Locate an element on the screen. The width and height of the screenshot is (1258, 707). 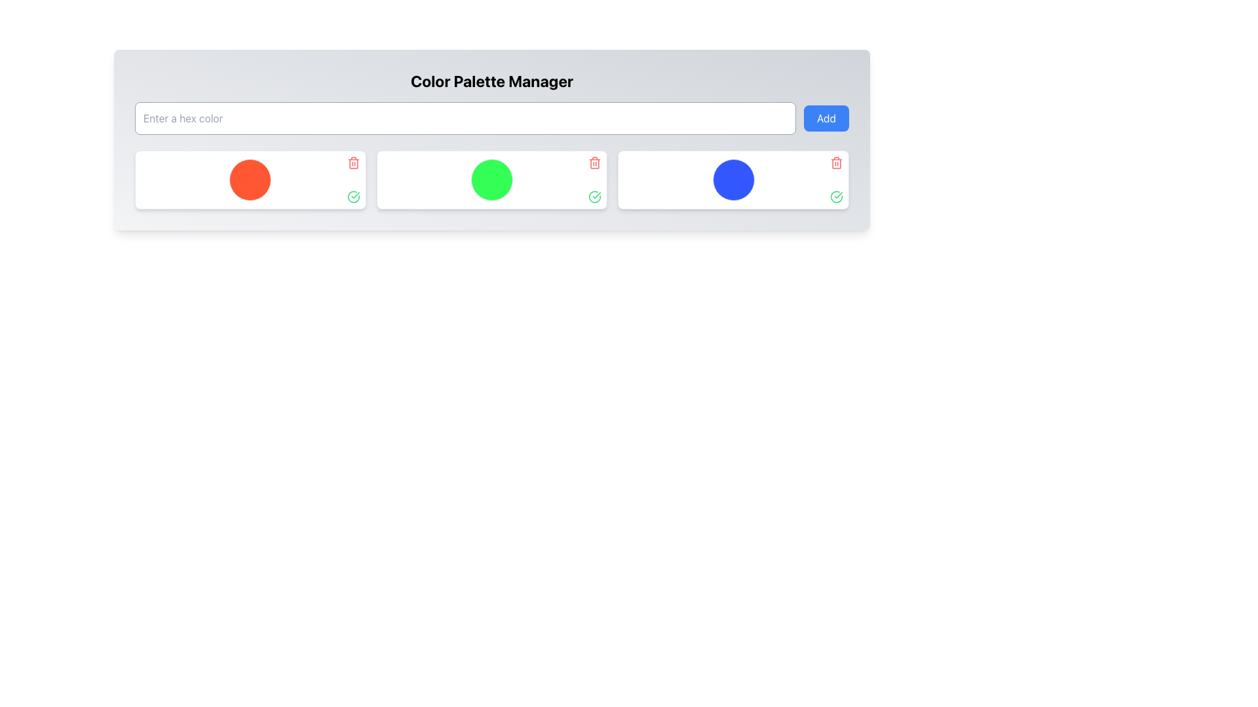
the red trash icon button located at the top-right corner of the white rectangular card, which features a dynamic hover effect that darkens its color is located at coordinates (835, 162).